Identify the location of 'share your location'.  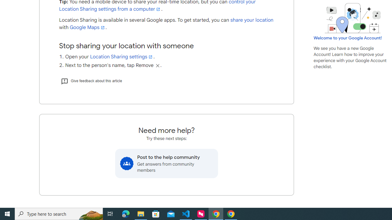
(252, 20).